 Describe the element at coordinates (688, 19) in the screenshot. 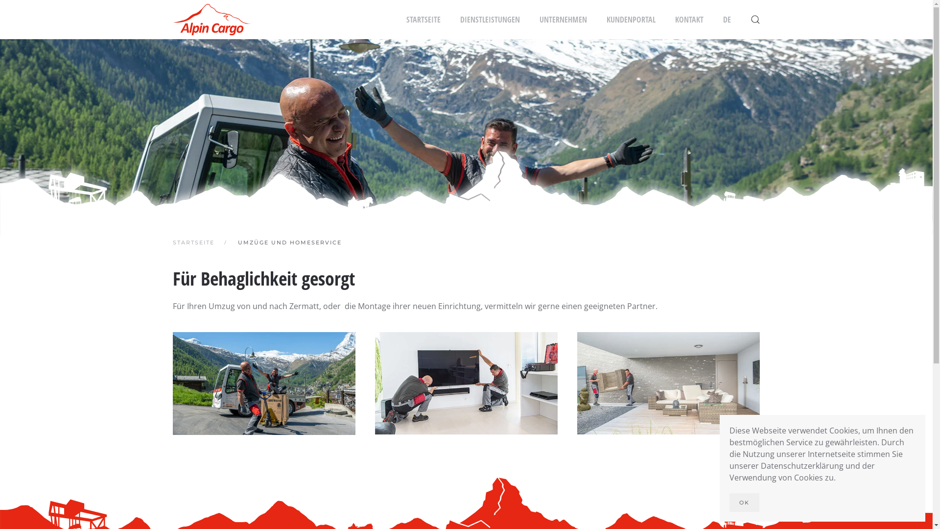

I see `'KONTAKT'` at that location.